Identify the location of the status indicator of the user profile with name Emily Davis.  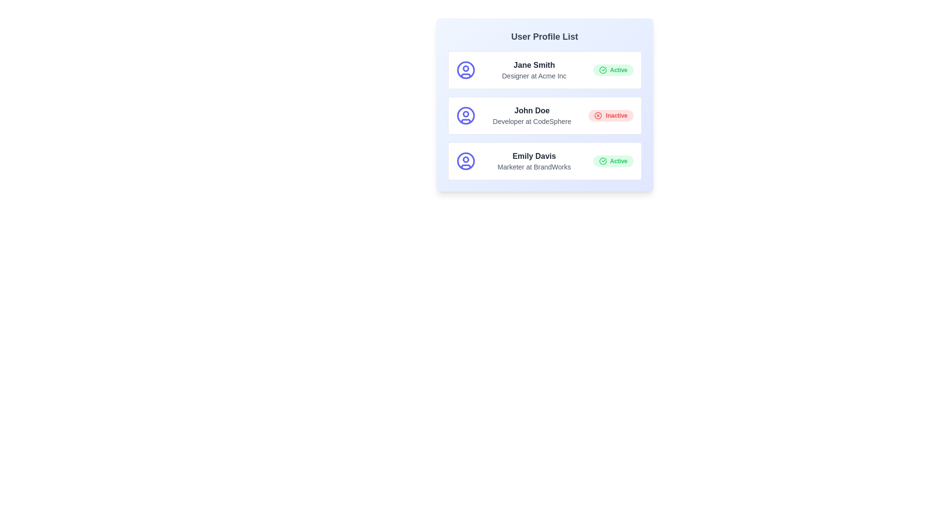
(613, 160).